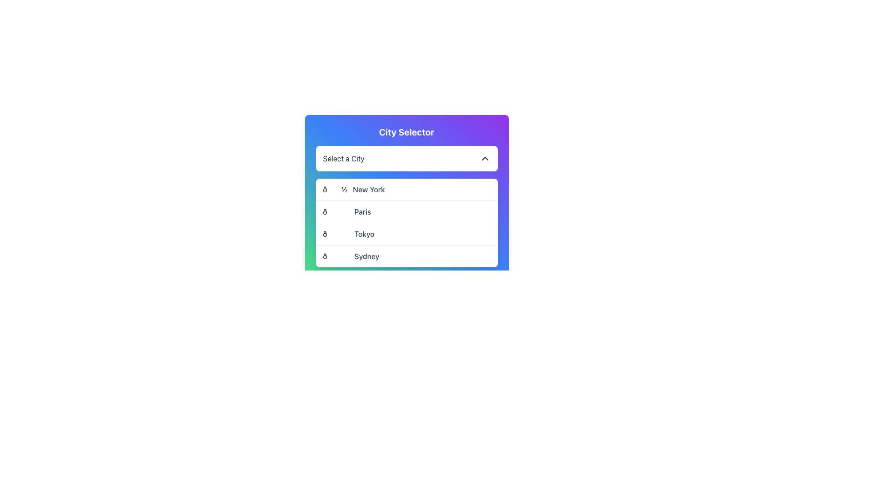  I want to click on the second row of the dropdown menu, so click(406, 211).